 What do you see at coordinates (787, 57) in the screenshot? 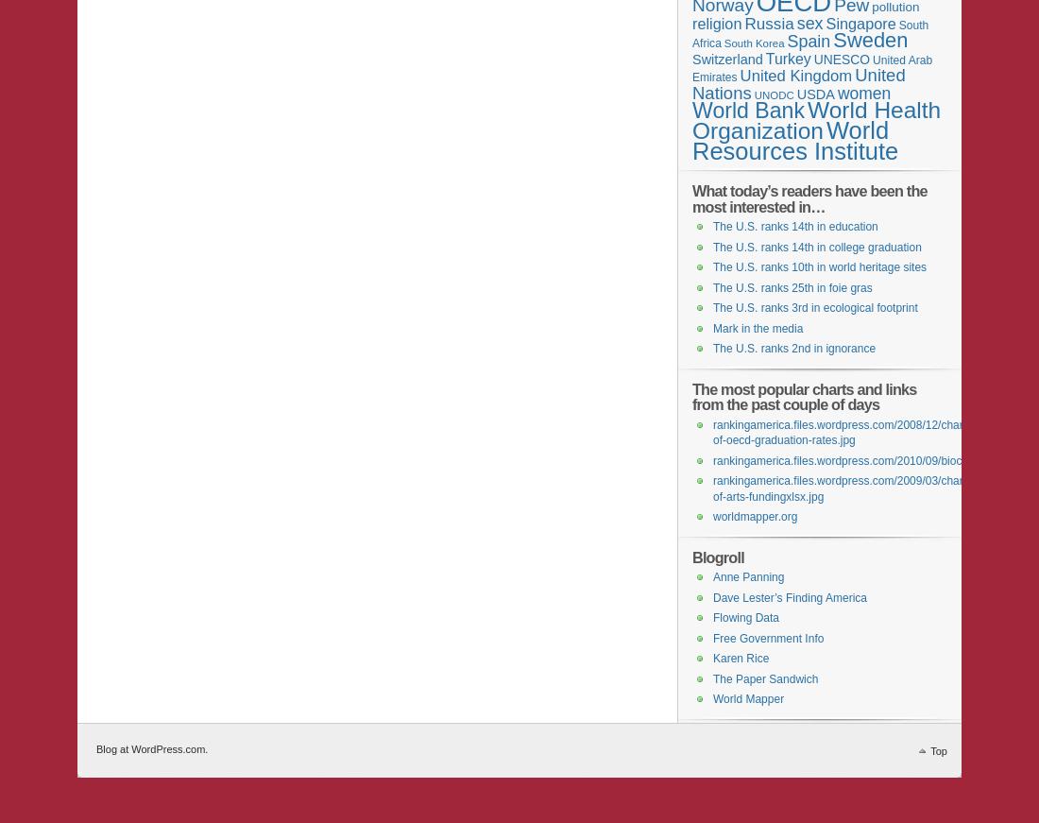
I see `'Turkey'` at bounding box center [787, 57].